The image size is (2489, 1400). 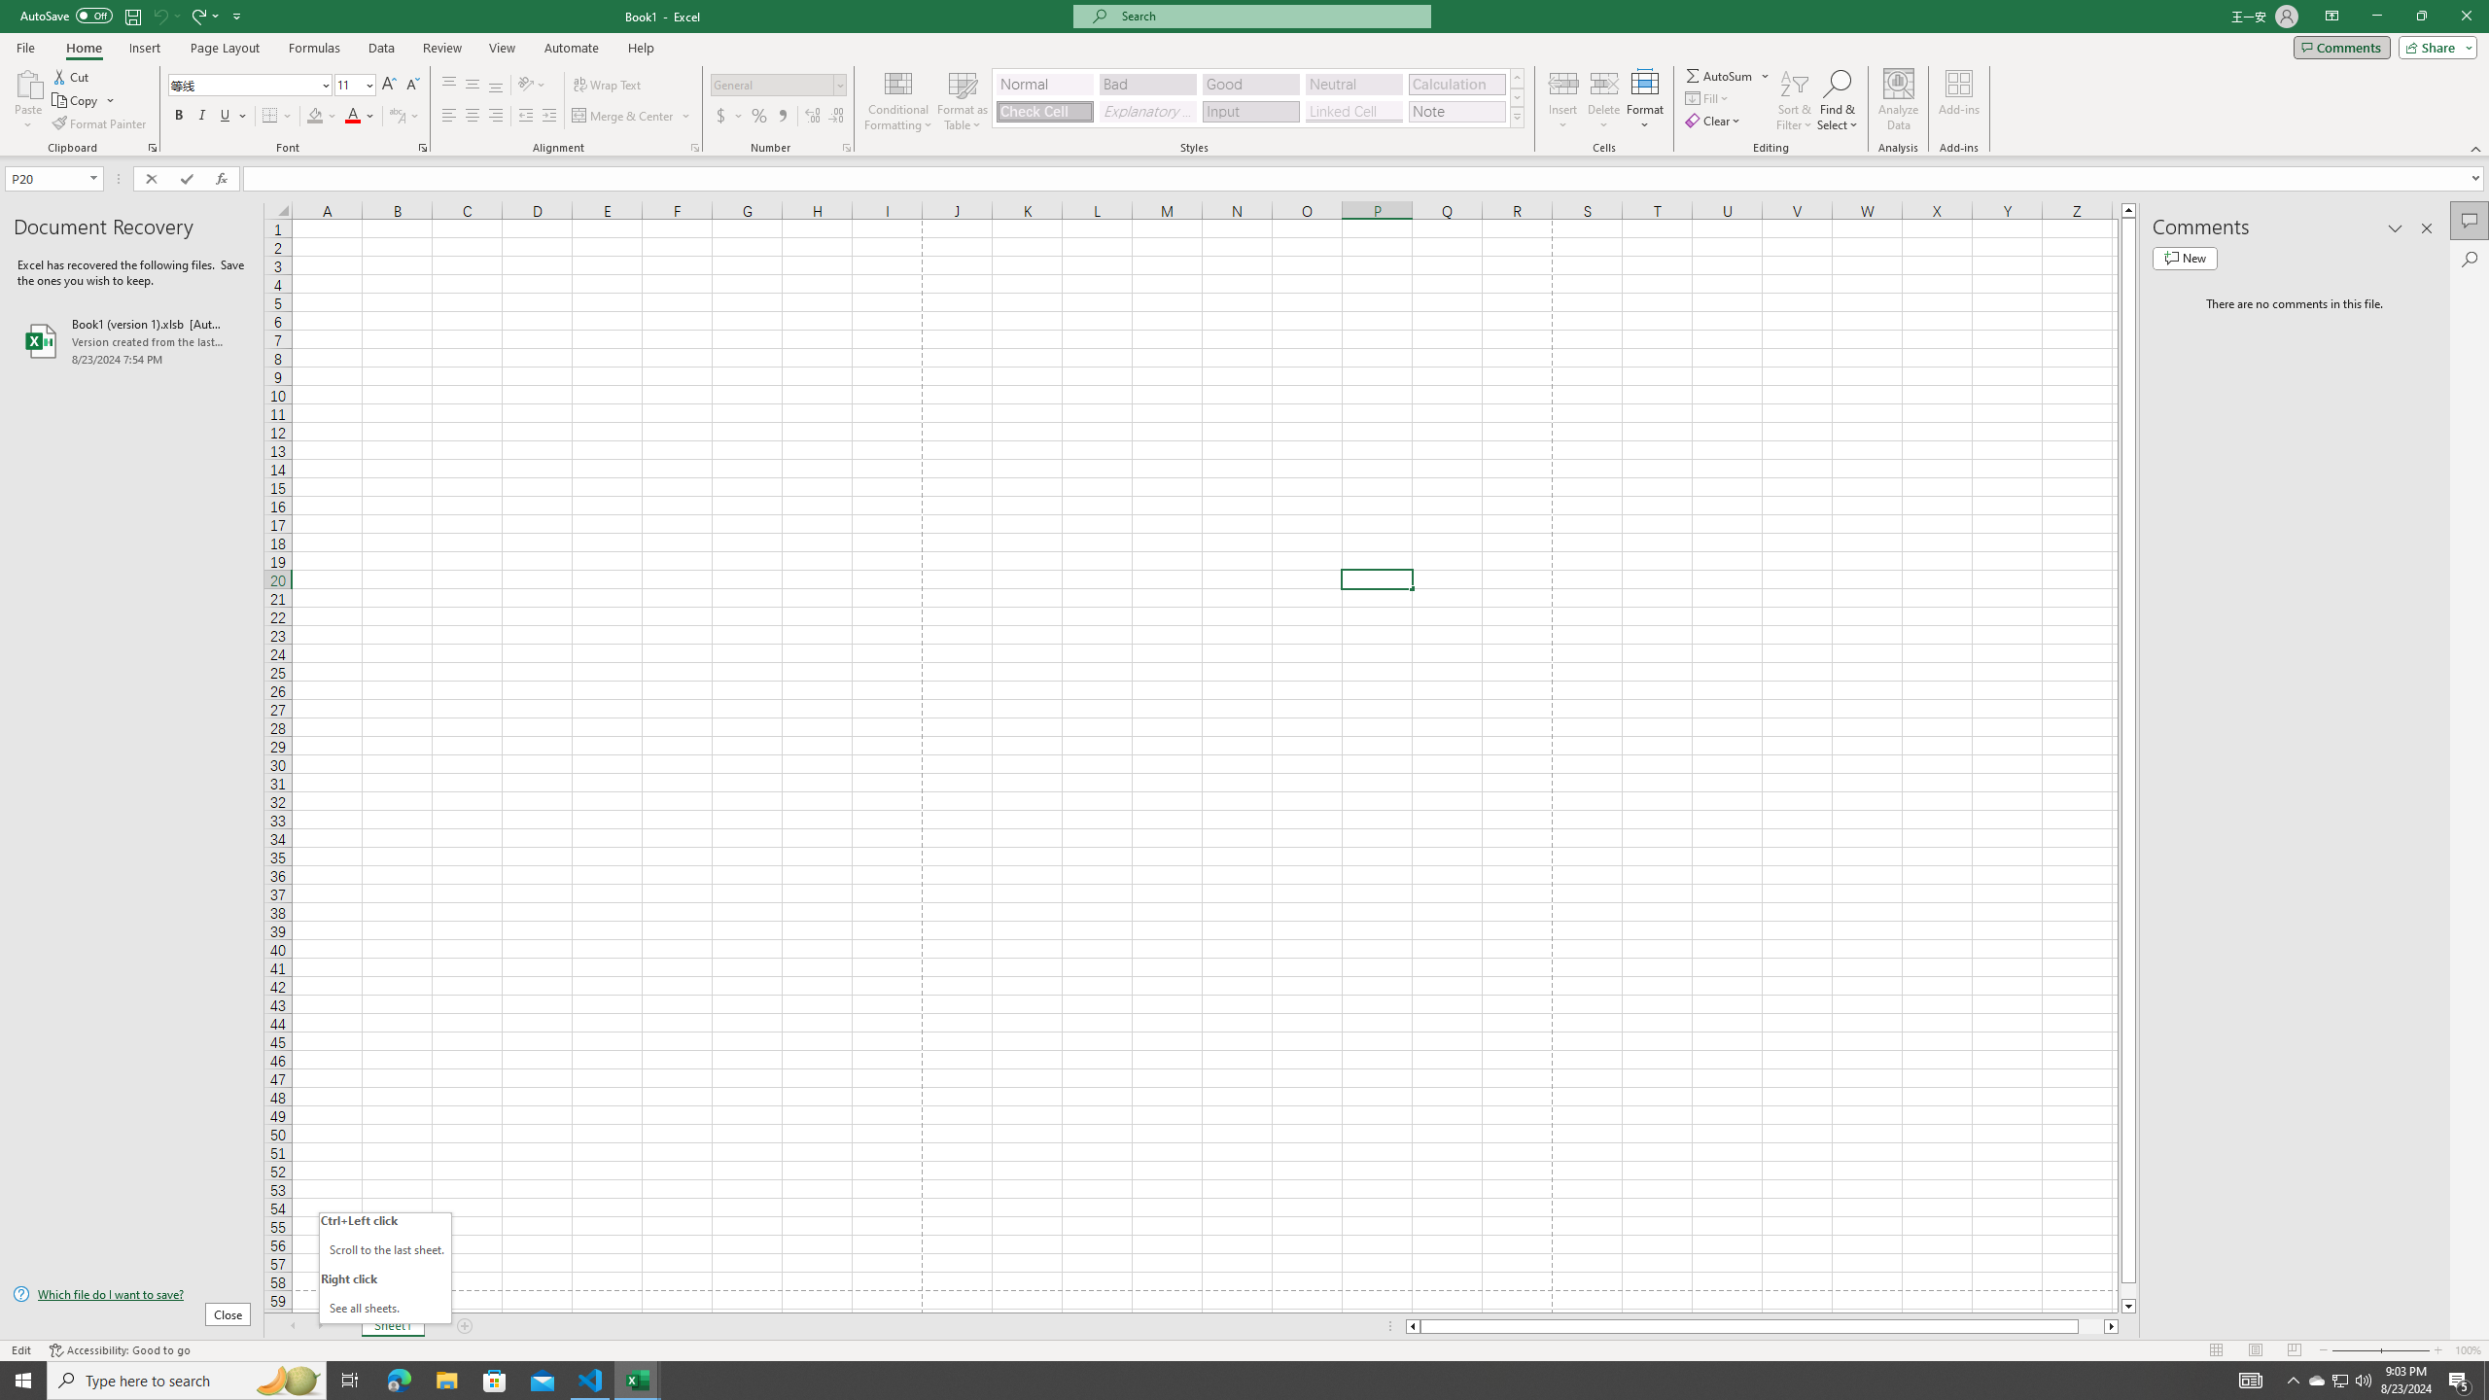 I want to click on 'Comma Style', so click(x=782, y=115).